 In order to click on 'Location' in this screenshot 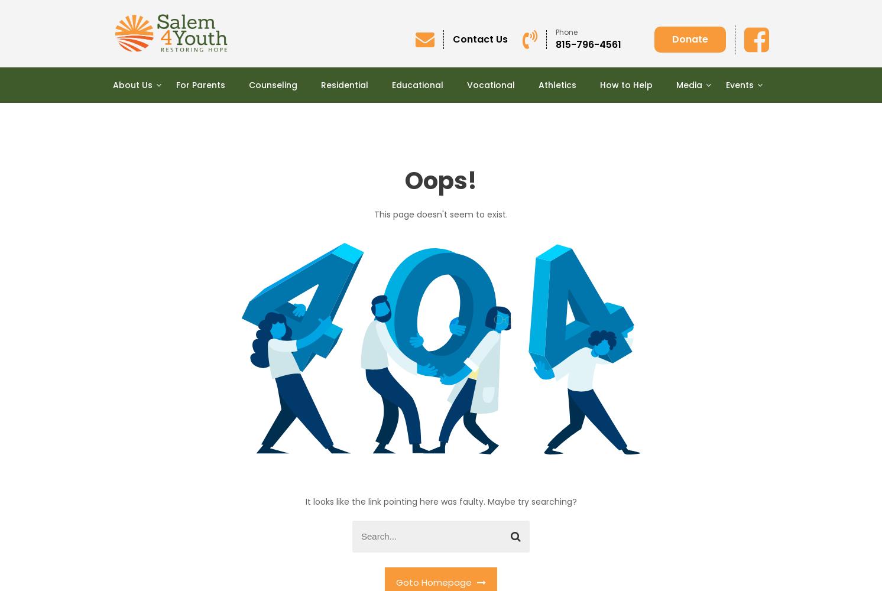, I will do `click(144, 169)`.